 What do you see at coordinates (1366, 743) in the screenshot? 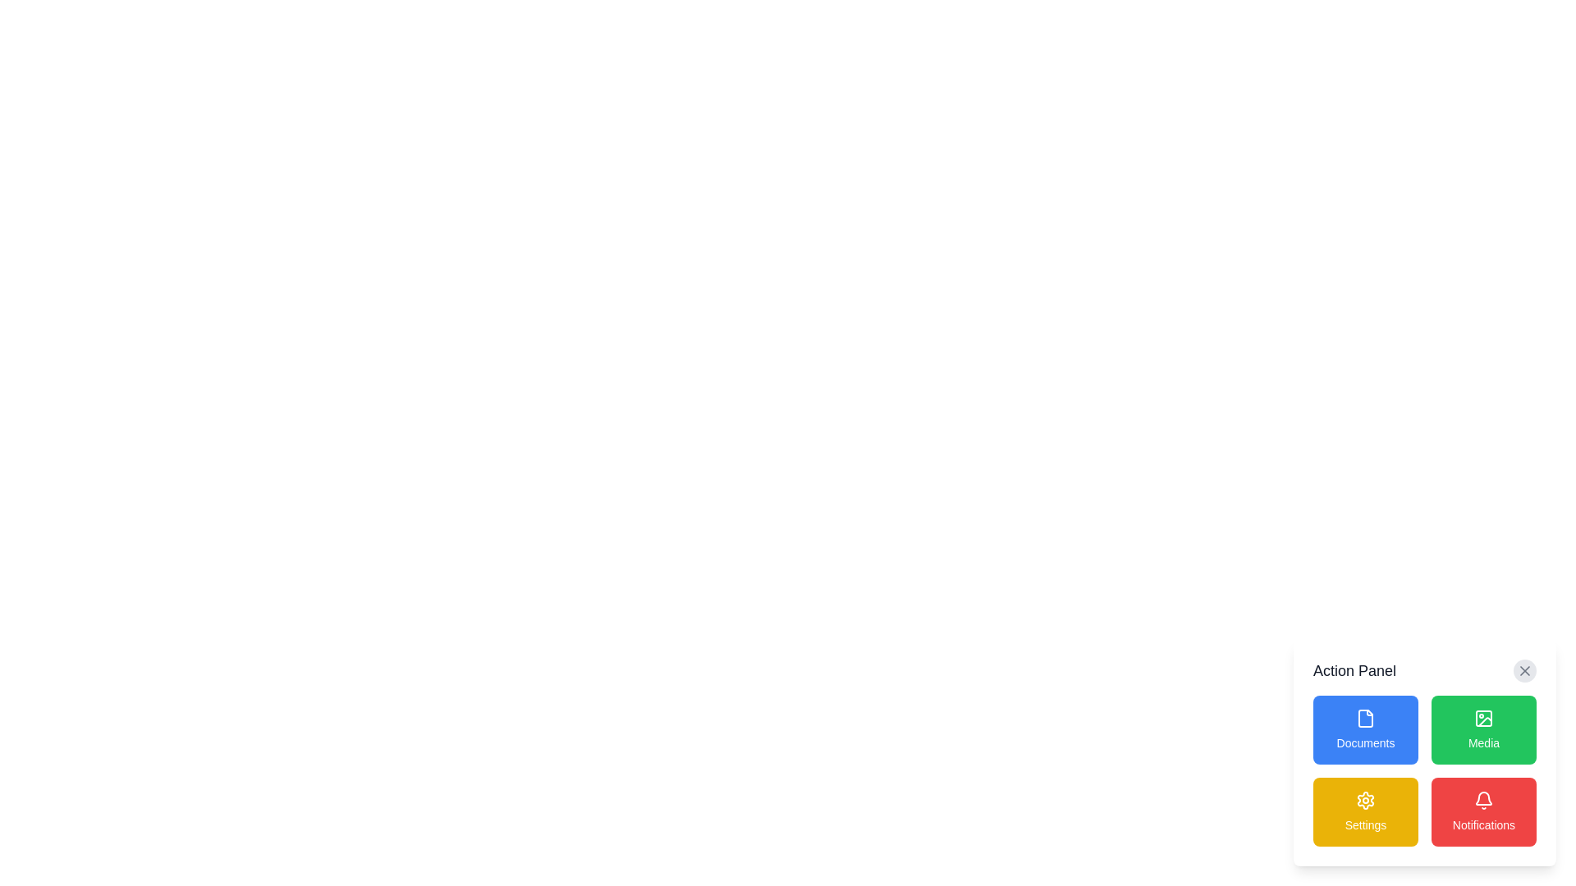
I see `label 'Documents' which is located at the bottom center of the blue button in the 'Action Panel'` at bounding box center [1366, 743].